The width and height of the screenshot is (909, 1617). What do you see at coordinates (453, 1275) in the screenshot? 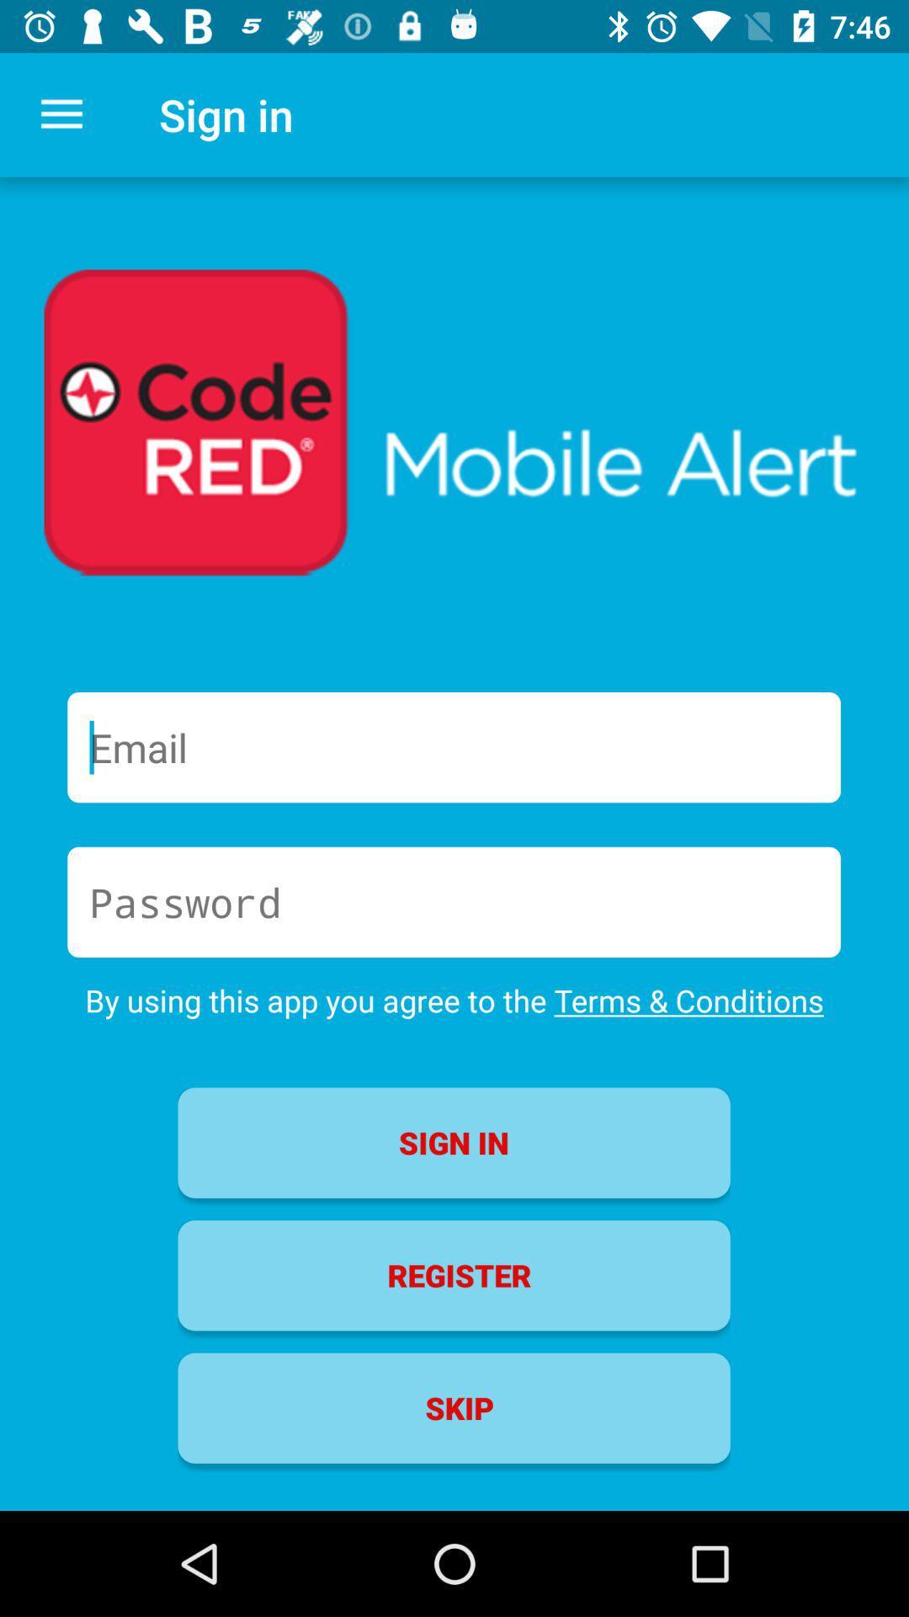
I see `register item` at bounding box center [453, 1275].